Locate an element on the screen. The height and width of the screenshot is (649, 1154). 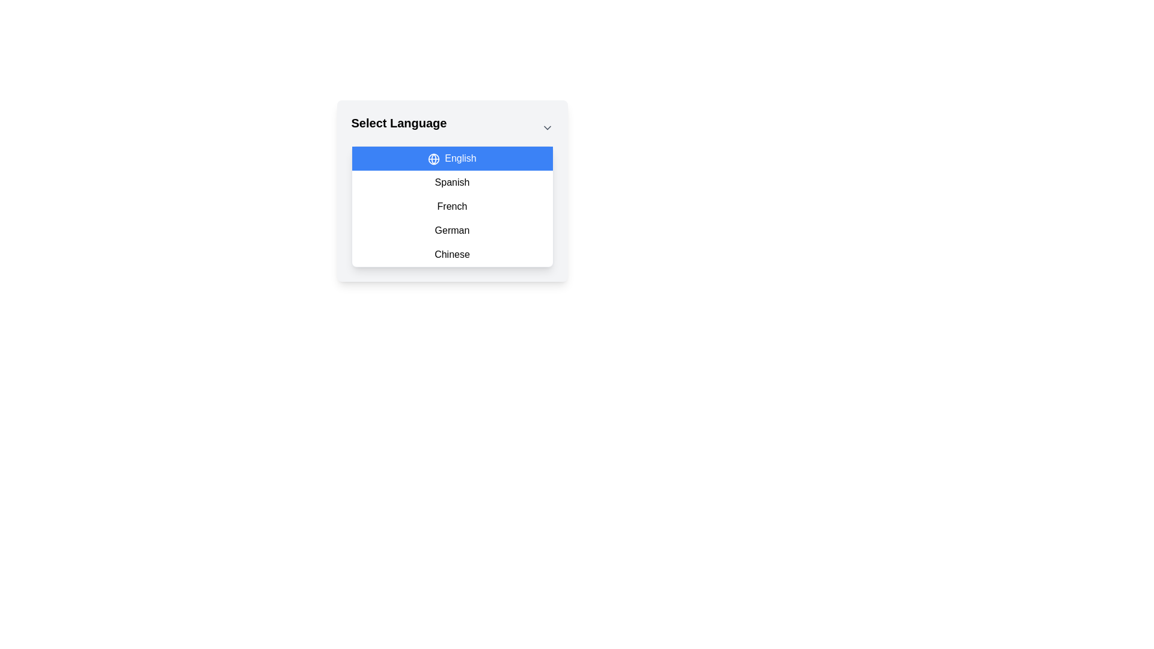
the 'Spanish' option in the dropdown menu is located at coordinates (451, 190).